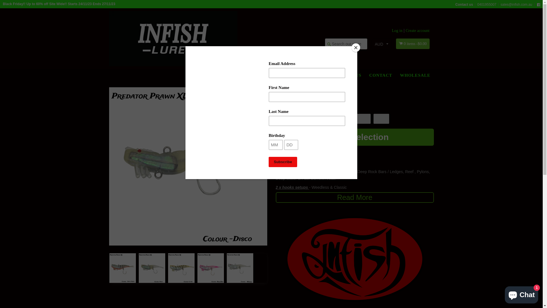 This screenshot has width=547, height=308. What do you see at coordinates (538, 4) in the screenshot?
I see `'Facebook'` at bounding box center [538, 4].